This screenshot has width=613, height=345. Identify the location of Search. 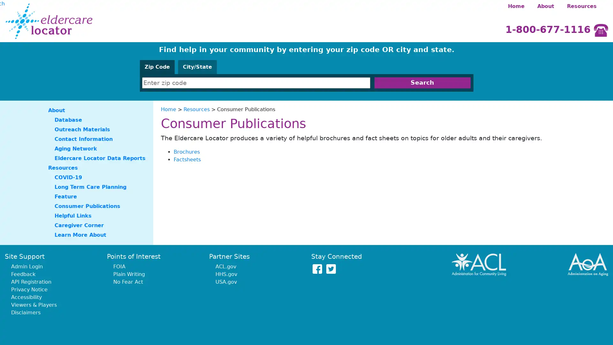
(422, 82).